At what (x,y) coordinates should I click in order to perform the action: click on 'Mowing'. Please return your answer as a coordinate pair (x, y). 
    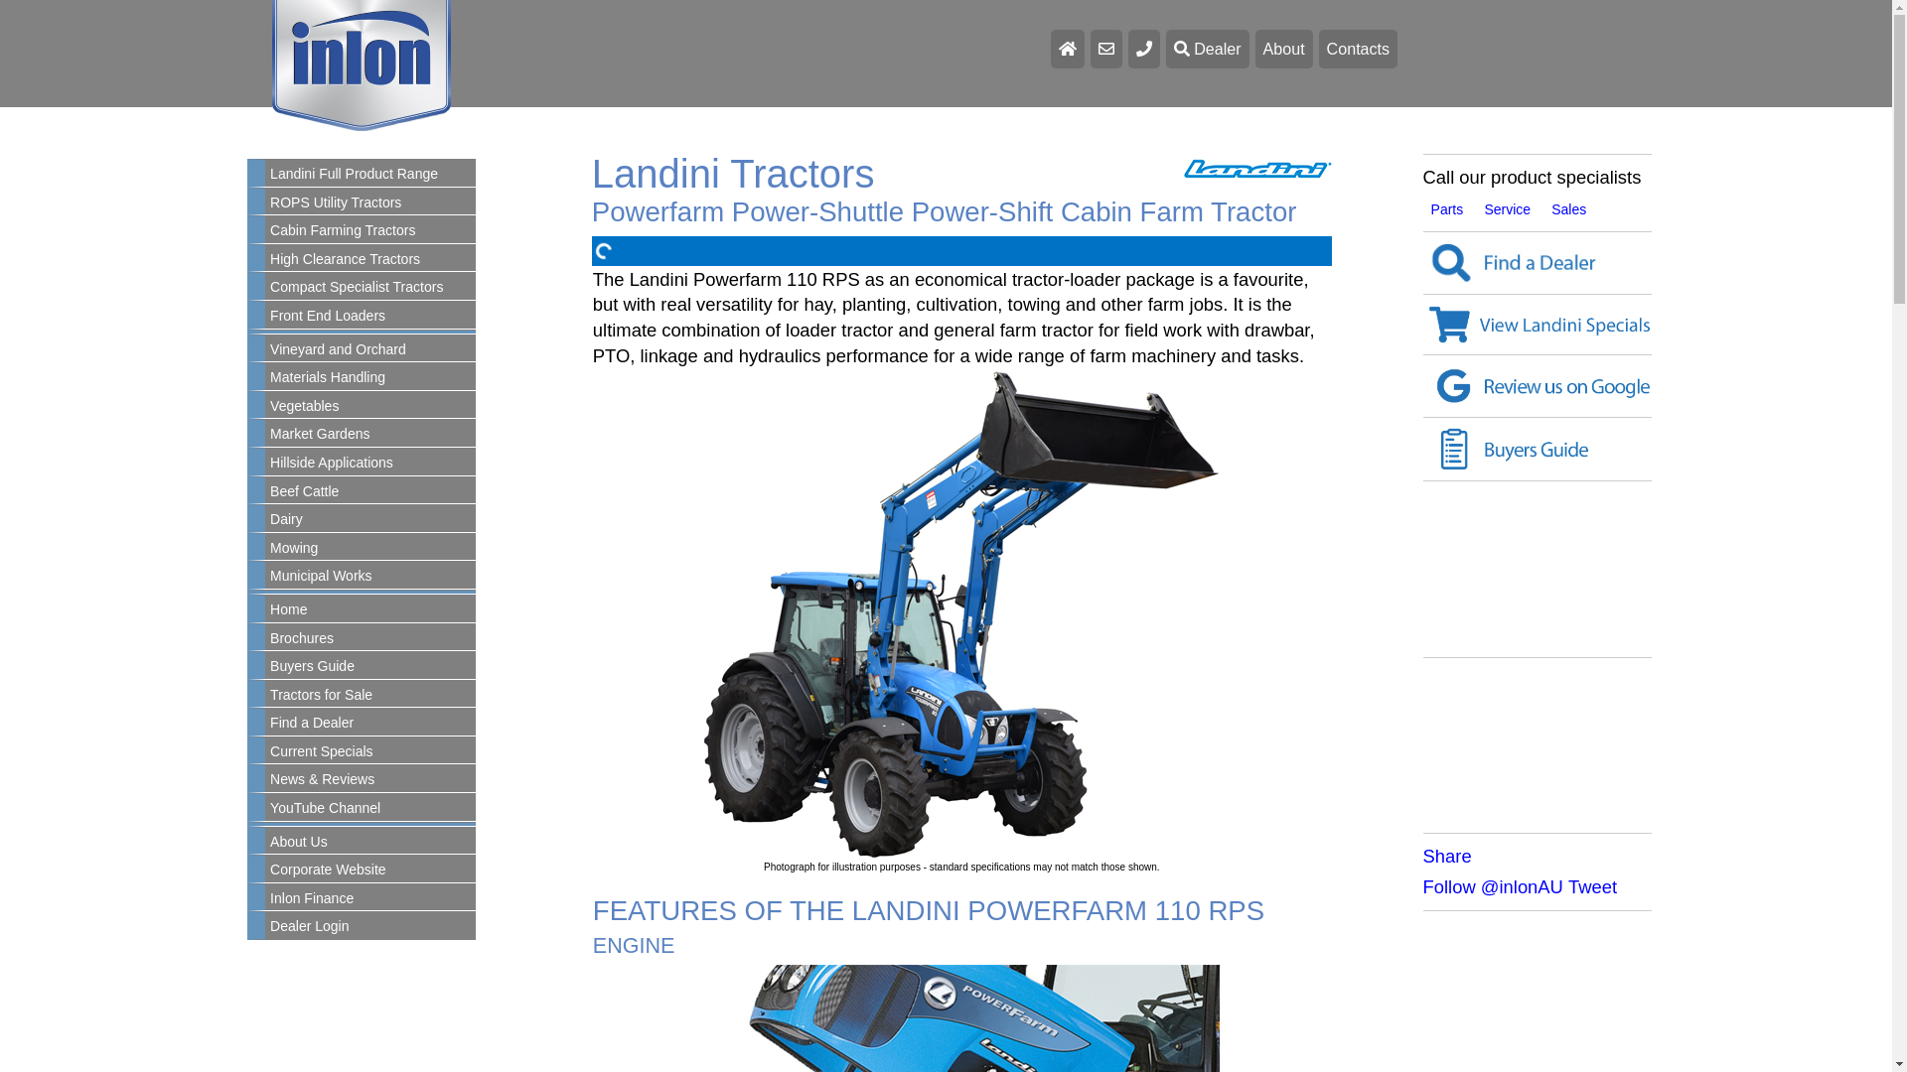
    Looking at the image, I should click on (370, 548).